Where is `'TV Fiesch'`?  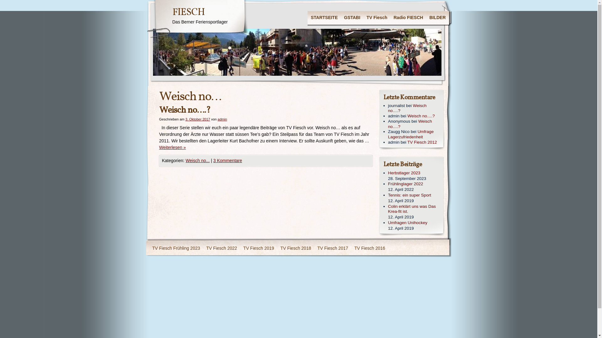 'TV Fiesch' is located at coordinates (376, 18).